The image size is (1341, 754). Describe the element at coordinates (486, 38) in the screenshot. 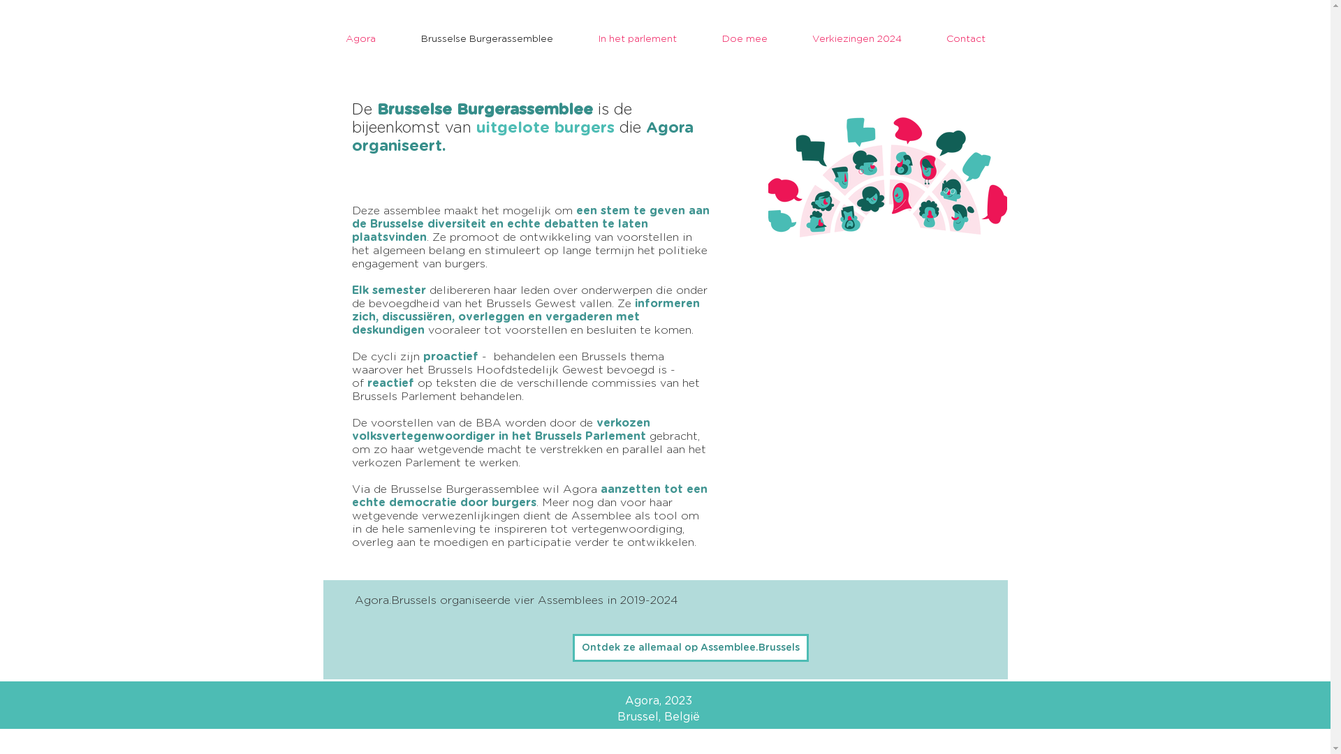

I see `'Brusselse Burgerassemblee'` at that location.